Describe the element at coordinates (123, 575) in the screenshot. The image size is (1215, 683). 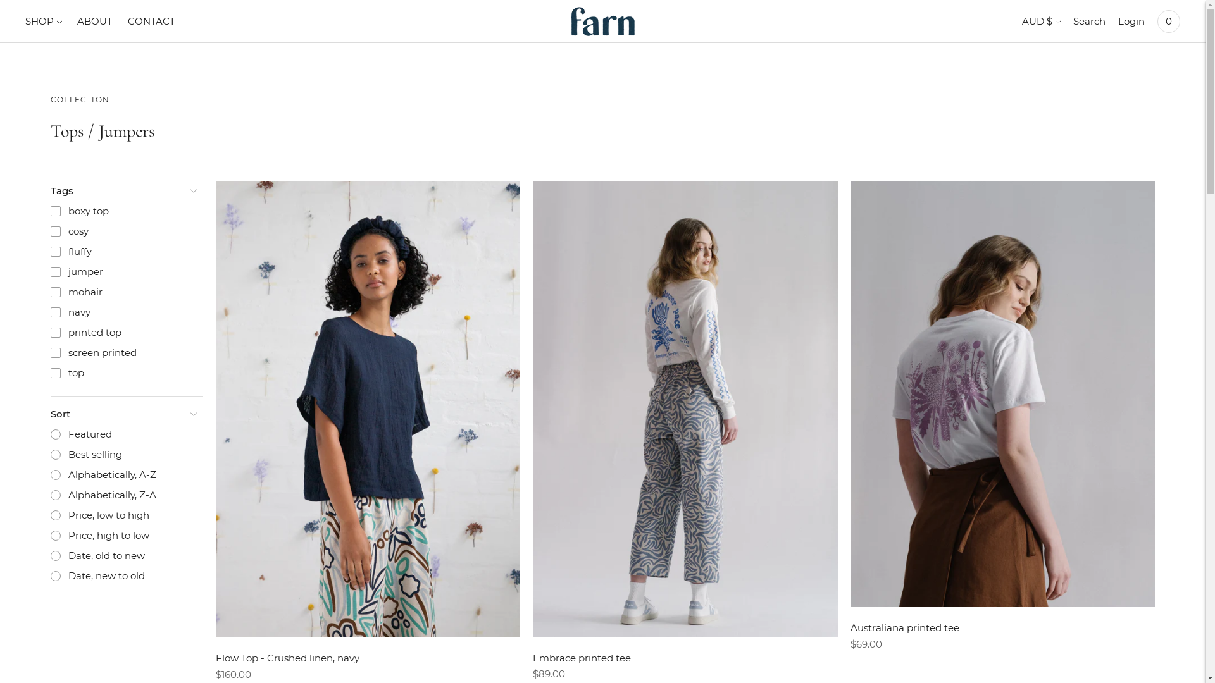
I see `'Date, new to old'` at that location.